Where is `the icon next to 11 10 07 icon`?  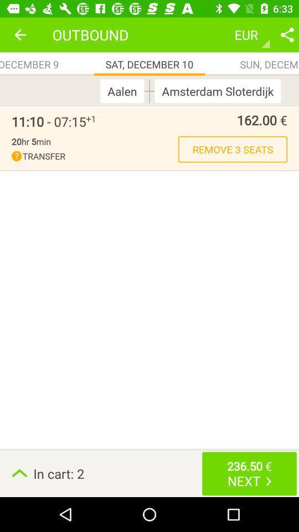 the icon next to 11 10 07 icon is located at coordinates (90, 119).